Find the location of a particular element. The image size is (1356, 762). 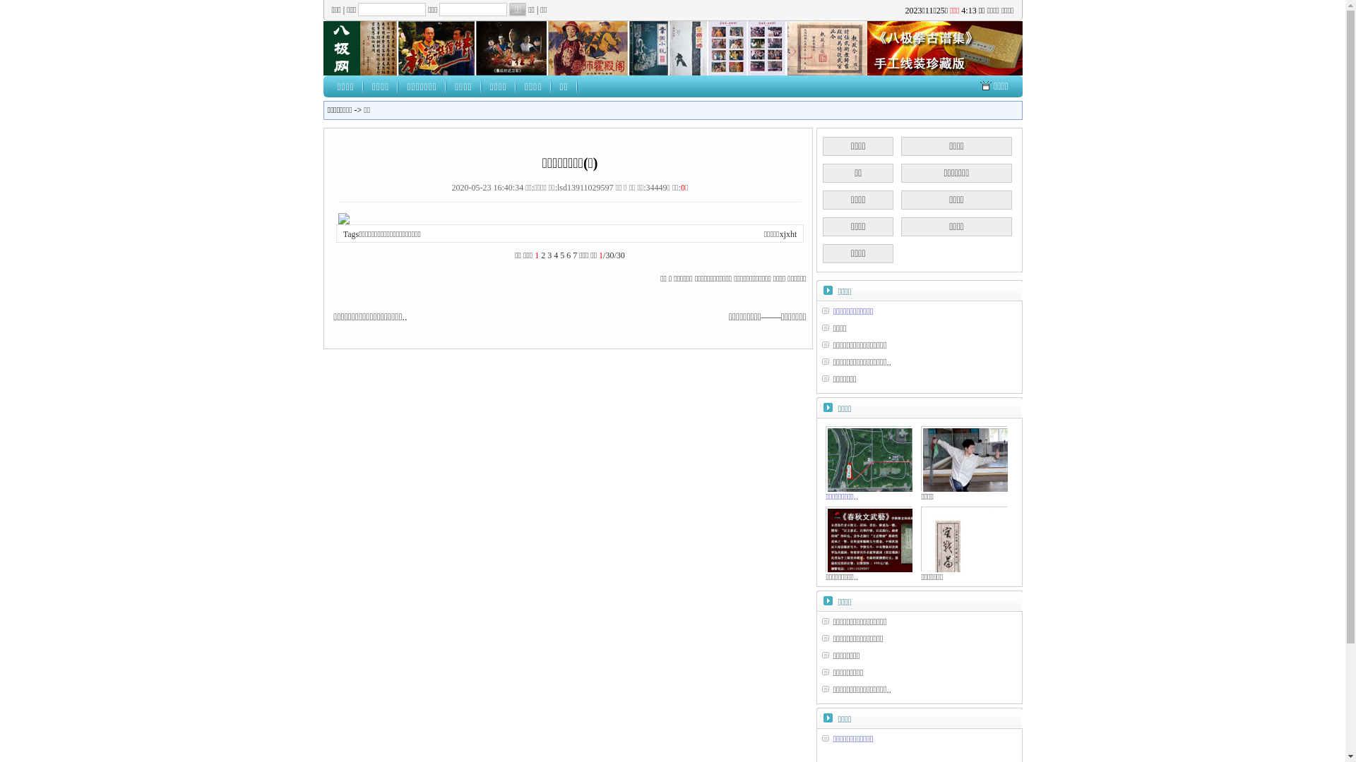

'4' is located at coordinates (552, 255).